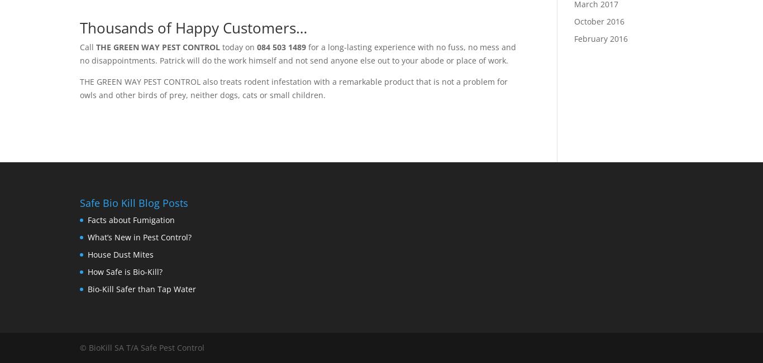 The image size is (763, 363). Describe the element at coordinates (600, 38) in the screenshot. I see `'February 2016'` at that location.